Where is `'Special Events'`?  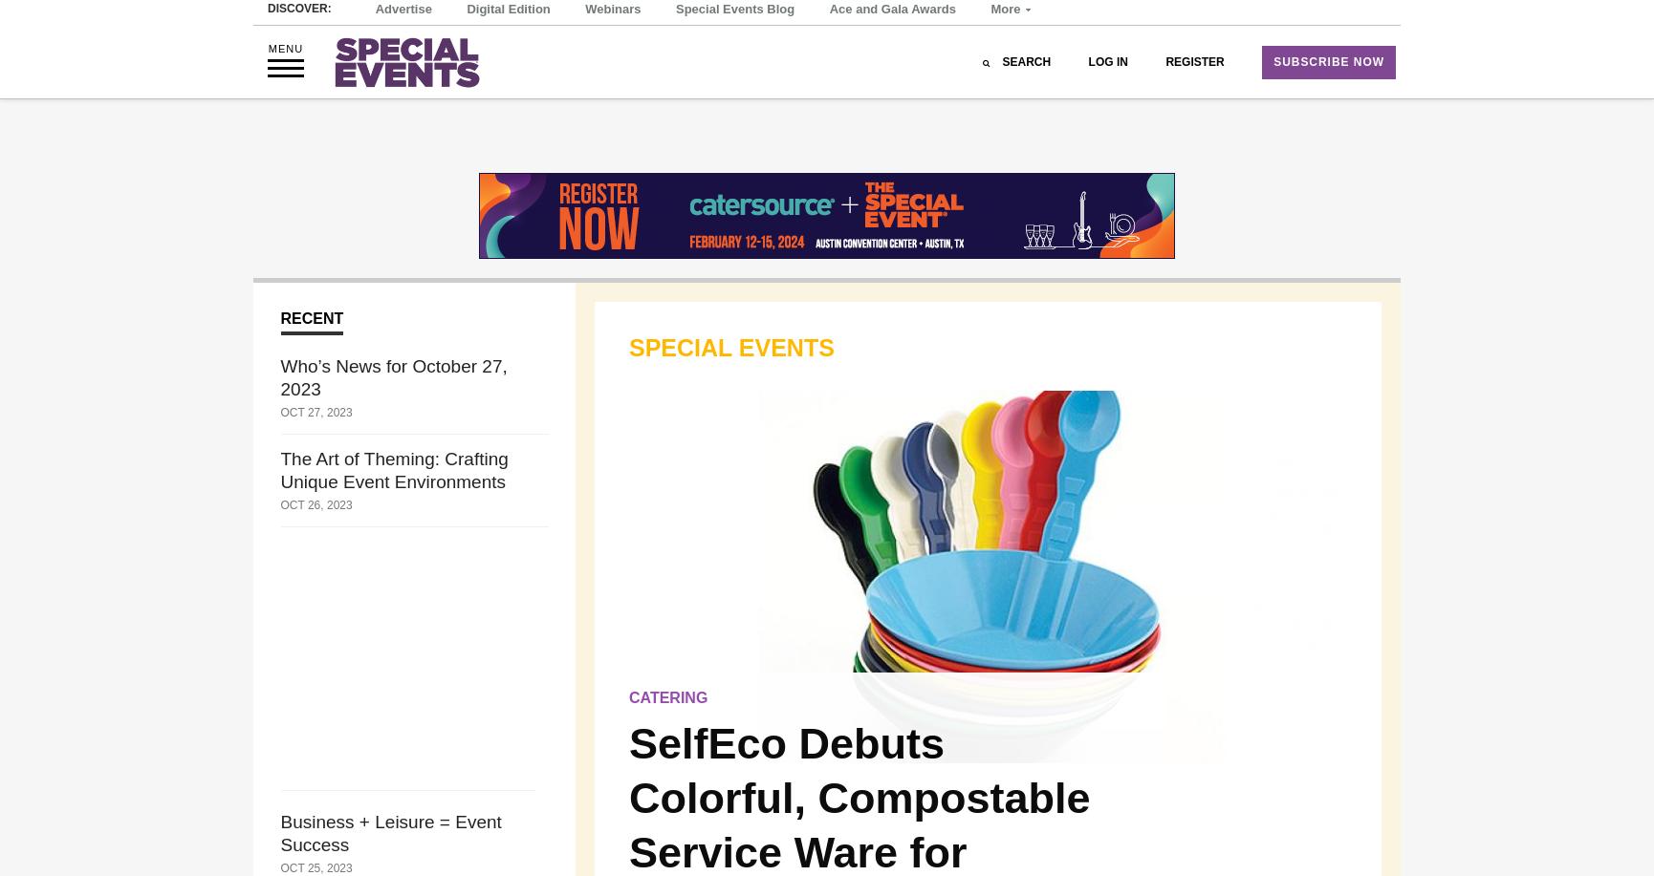 'Special Events' is located at coordinates (730, 346).